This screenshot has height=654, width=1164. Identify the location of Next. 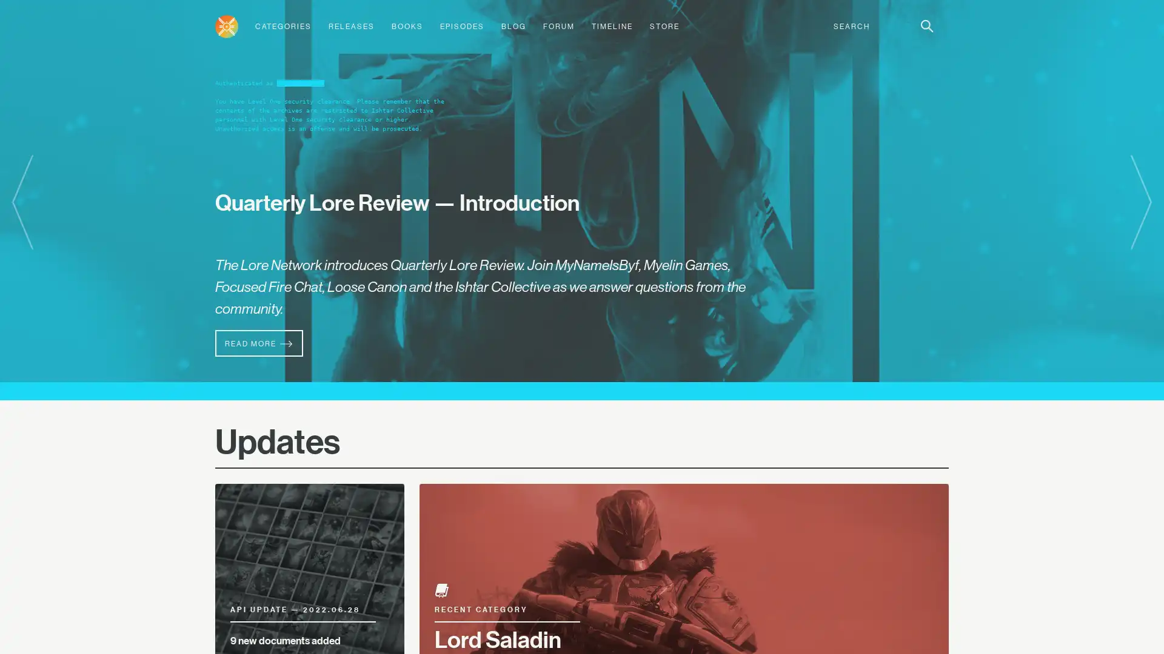
(1140, 202).